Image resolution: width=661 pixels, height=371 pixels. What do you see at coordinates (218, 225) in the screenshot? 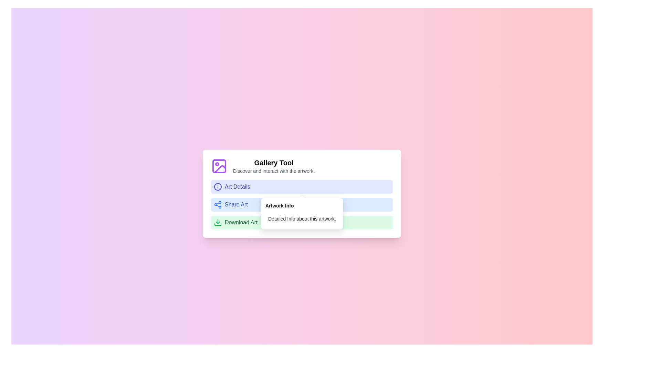
I see `the bottommost graphical component of the download icon's SVG representation, which visually completes the download symbol` at bounding box center [218, 225].